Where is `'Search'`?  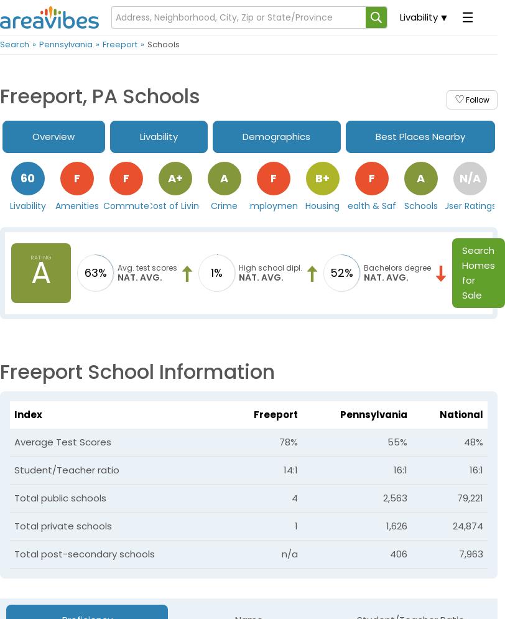
'Search' is located at coordinates (14, 44).